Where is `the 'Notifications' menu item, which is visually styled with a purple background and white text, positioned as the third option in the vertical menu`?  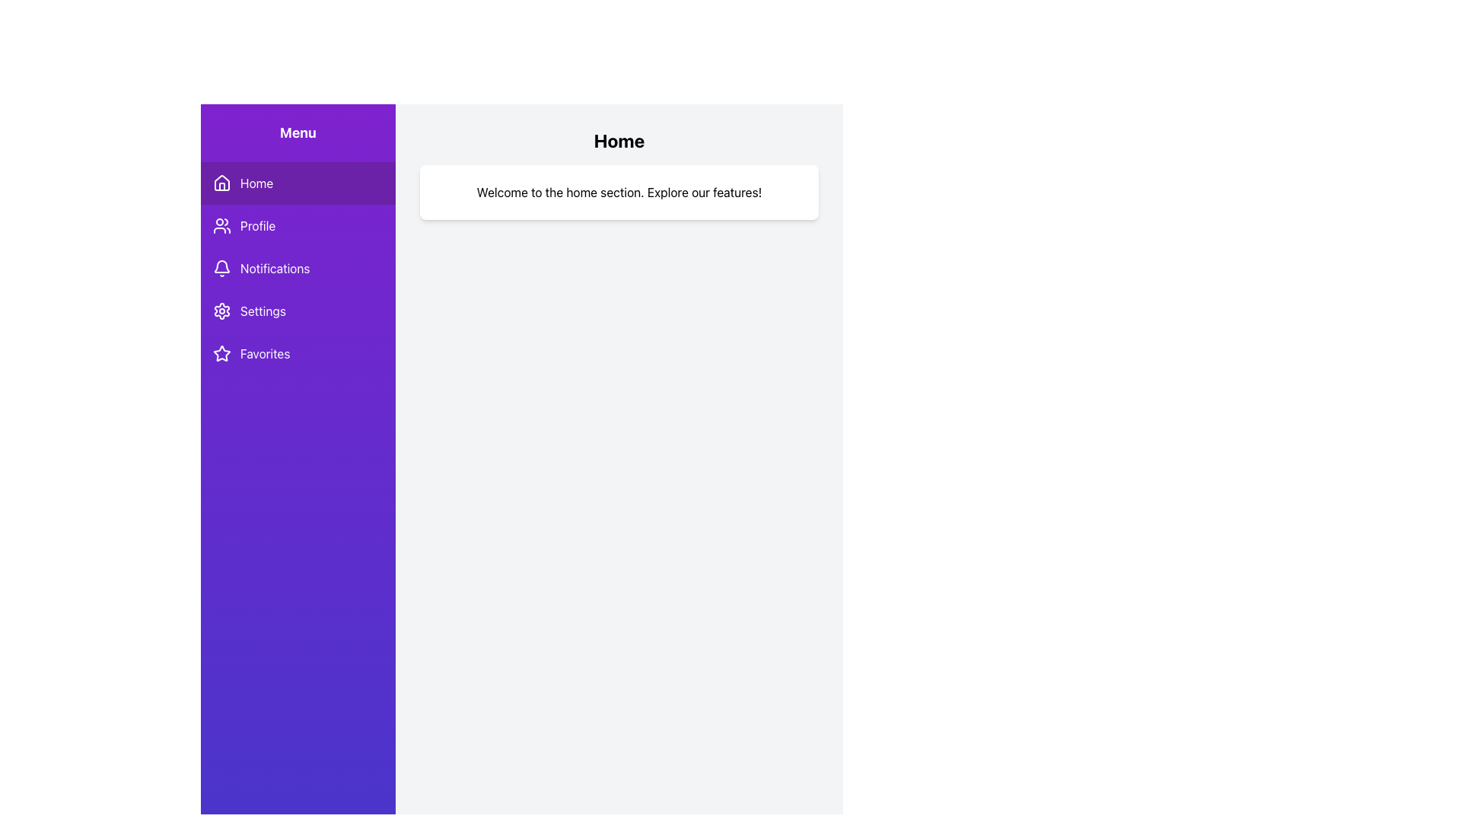 the 'Notifications' menu item, which is visually styled with a purple background and white text, positioned as the third option in the vertical menu is located at coordinates (298, 268).